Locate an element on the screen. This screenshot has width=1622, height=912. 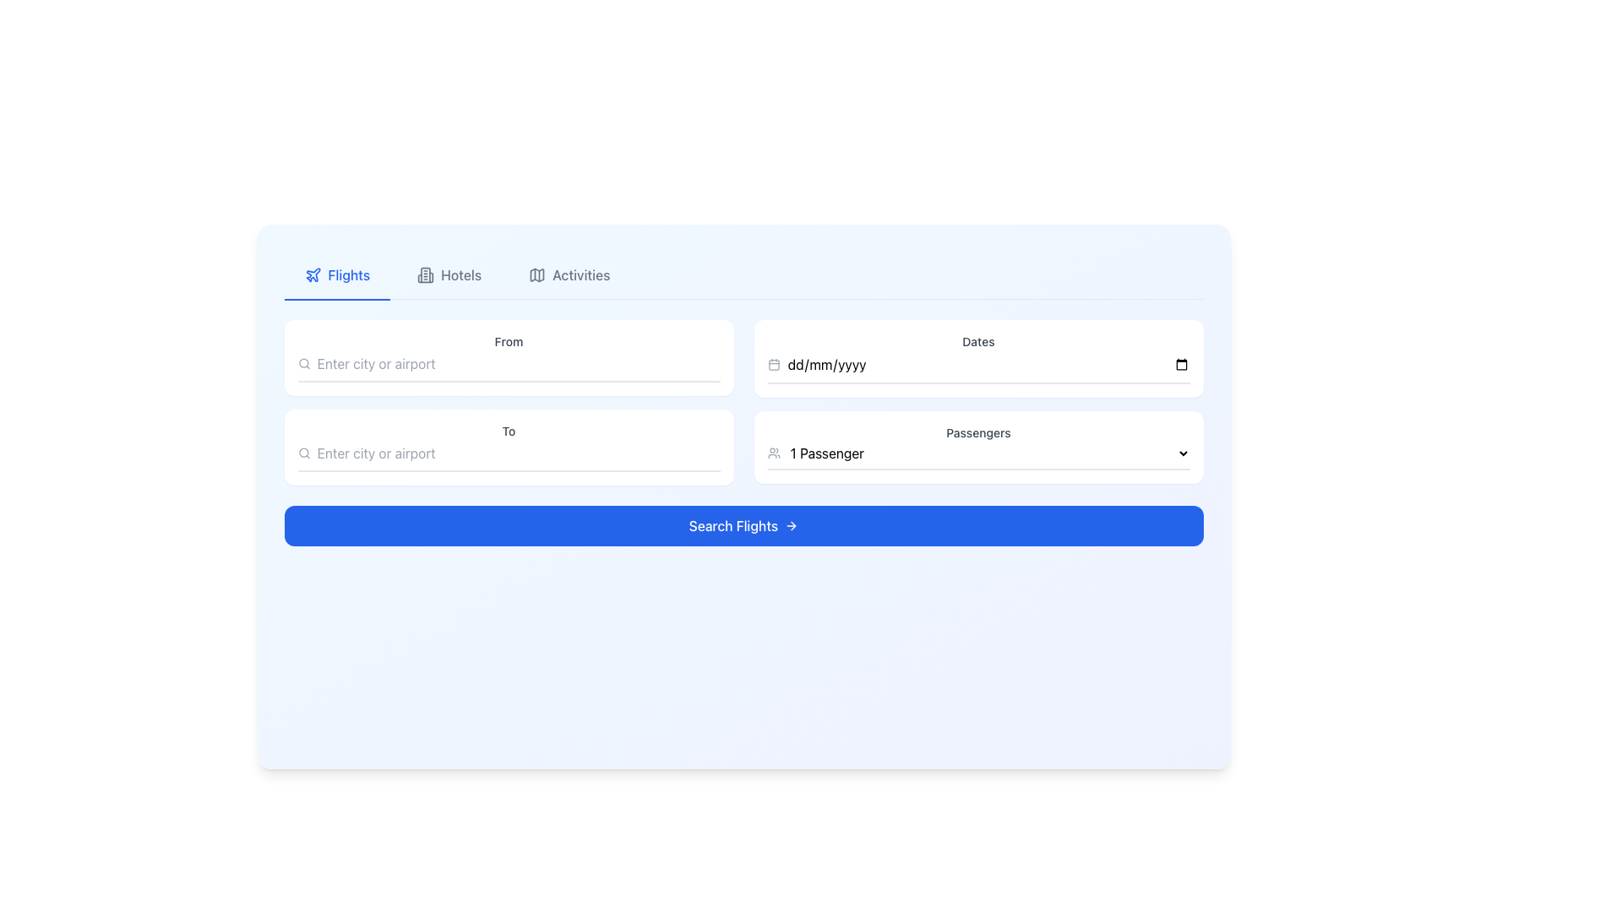
the forward arrow icon located to the right of the 'Search Flights' text label in the blue button at the lower center of the interface is located at coordinates (792, 525).